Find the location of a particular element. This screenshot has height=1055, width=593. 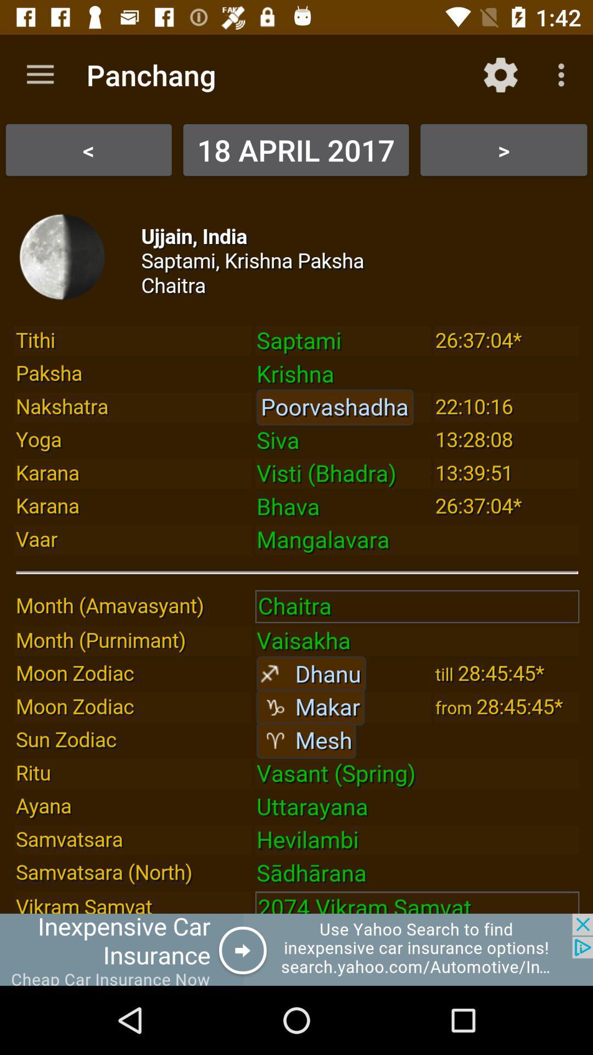

shows details page is located at coordinates (296, 549).